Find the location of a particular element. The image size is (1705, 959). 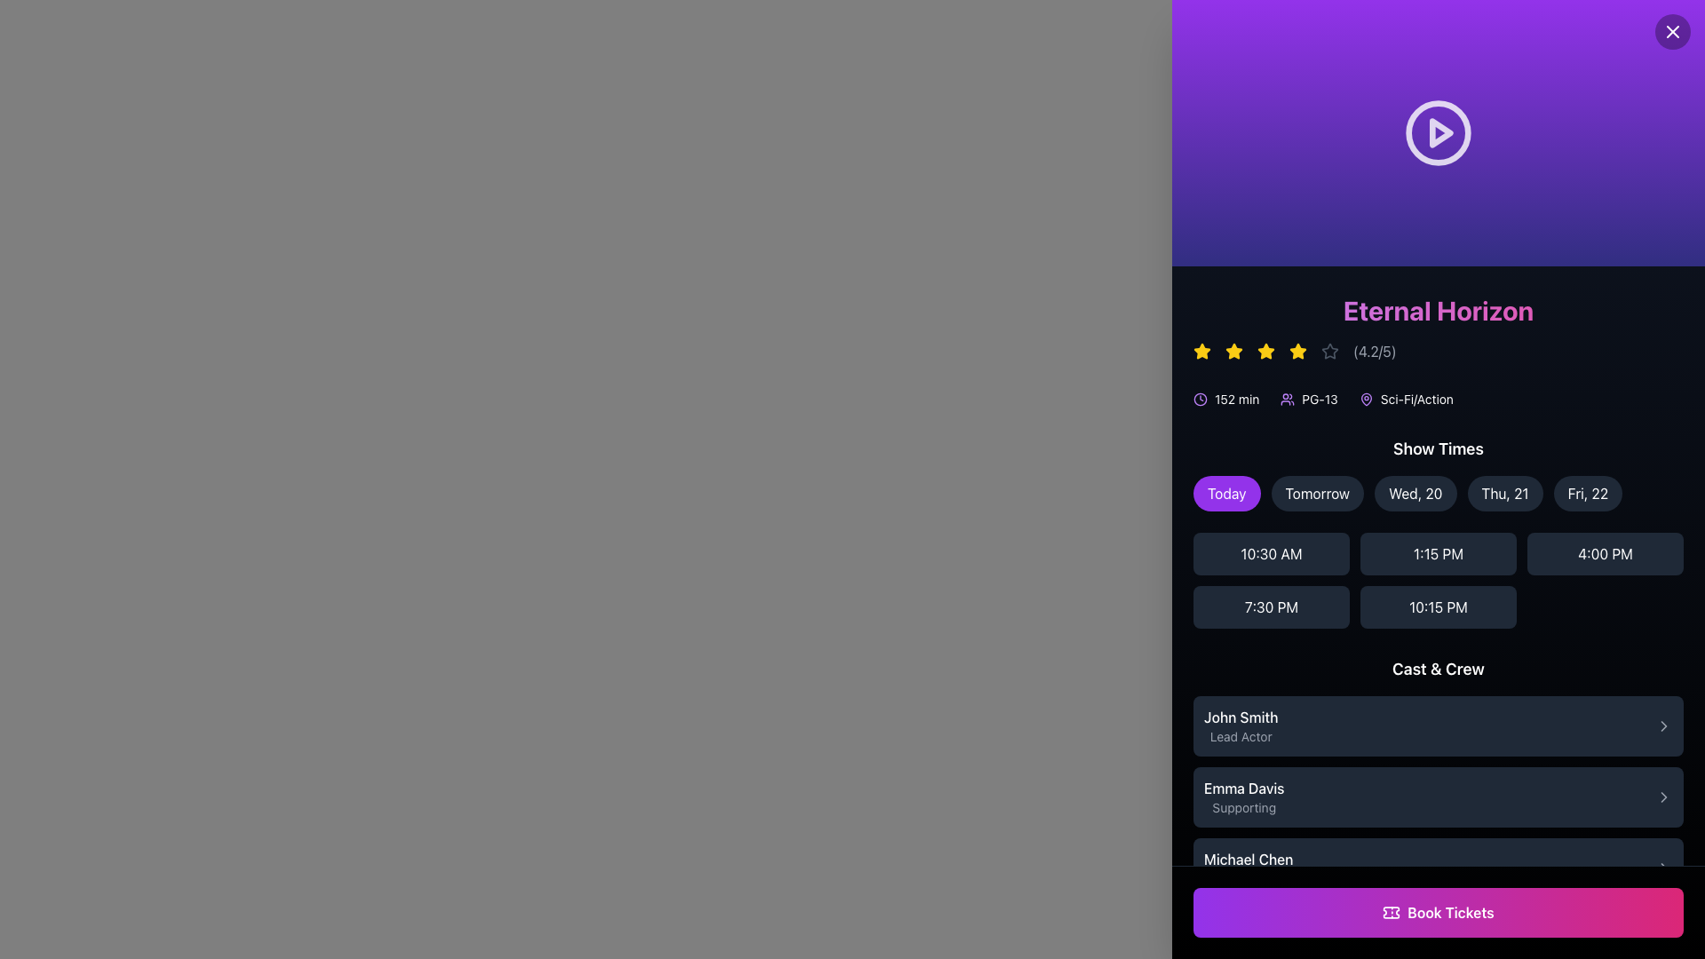

the List item representing 'John Smith' in the 'Cast & Crew' section for further actions is located at coordinates (1439, 725).